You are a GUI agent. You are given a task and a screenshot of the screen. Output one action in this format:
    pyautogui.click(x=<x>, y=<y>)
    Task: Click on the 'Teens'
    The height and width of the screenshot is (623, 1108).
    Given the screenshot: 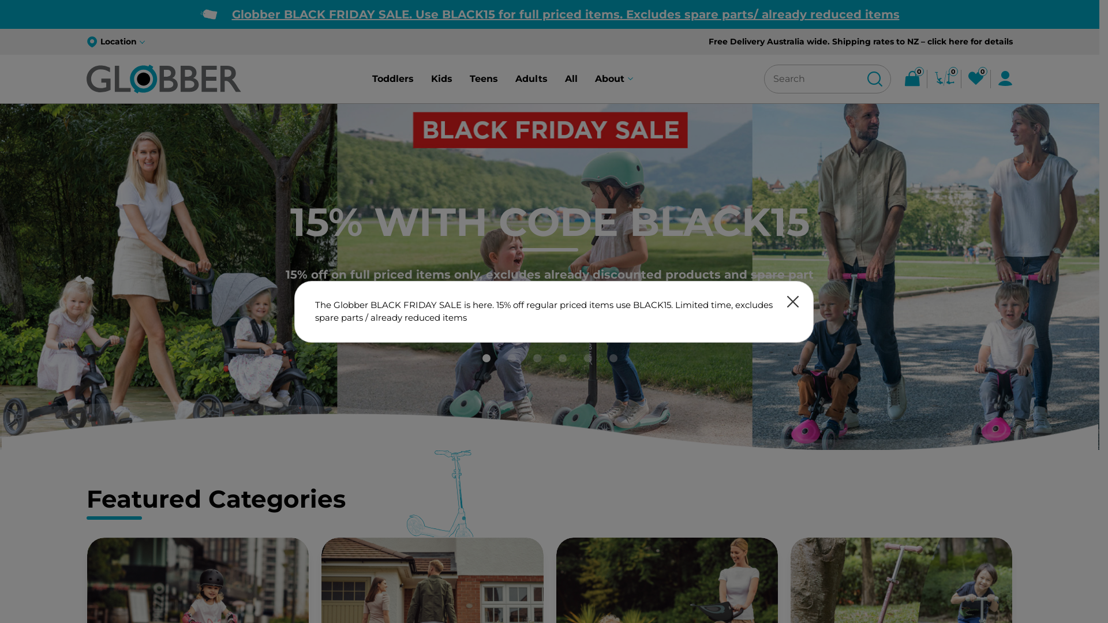 What is the action you would take?
    pyautogui.click(x=470, y=78)
    